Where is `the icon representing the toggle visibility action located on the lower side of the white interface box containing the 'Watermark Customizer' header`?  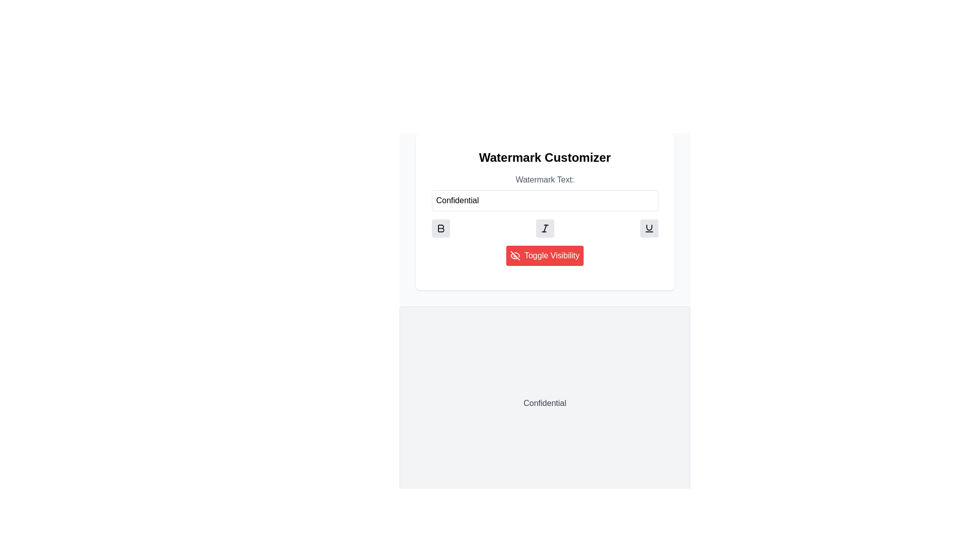
the icon representing the toggle visibility action located on the lower side of the white interface box containing the 'Watermark Customizer' header is located at coordinates (514, 255).